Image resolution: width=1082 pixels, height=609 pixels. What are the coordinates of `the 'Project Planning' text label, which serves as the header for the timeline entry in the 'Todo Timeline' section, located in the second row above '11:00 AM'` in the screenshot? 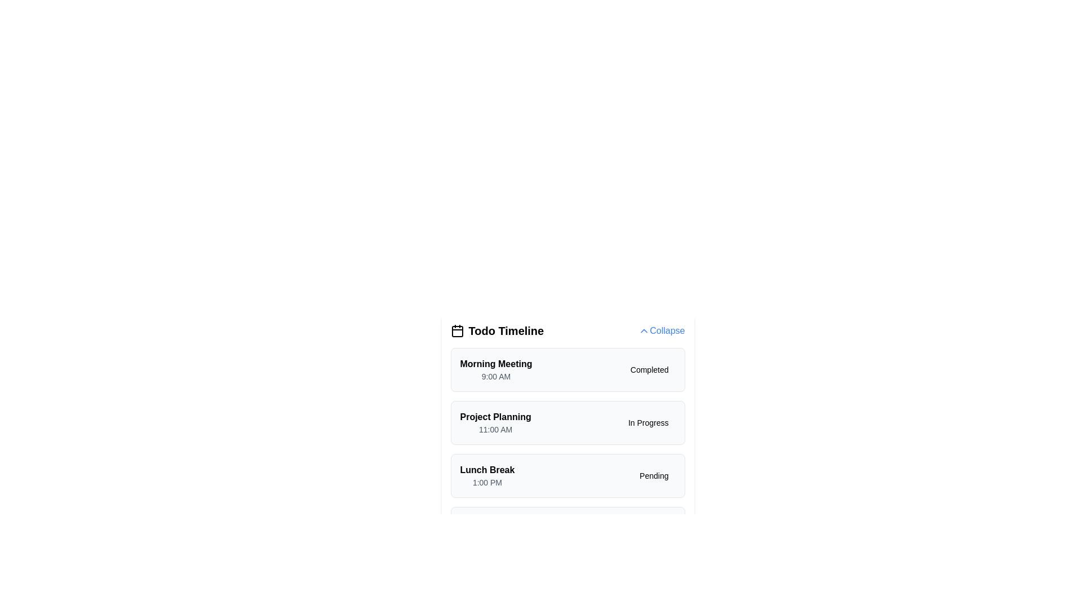 It's located at (495, 417).